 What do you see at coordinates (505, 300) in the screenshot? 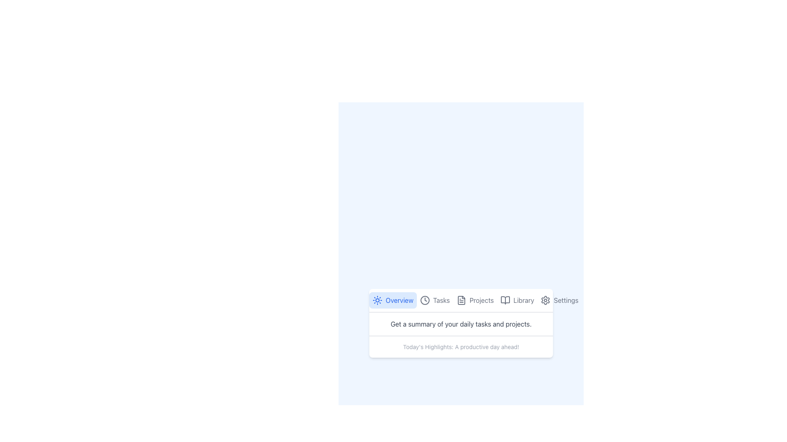
I see `the 'Library' icon in the navigation bar, which serves as a visual marker for the library section` at bounding box center [505, 300].